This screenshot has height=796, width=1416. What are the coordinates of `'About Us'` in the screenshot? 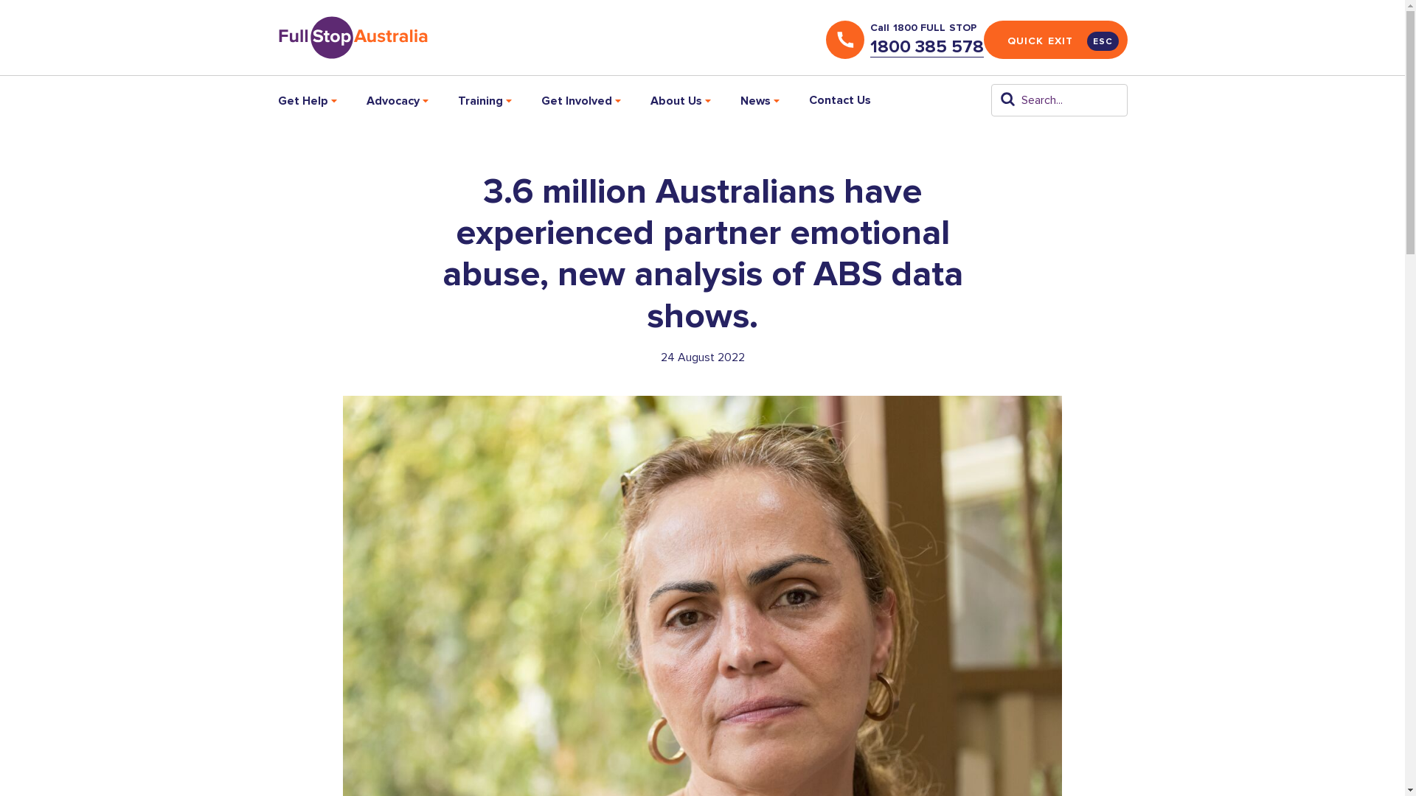 It's located at (679, 99).